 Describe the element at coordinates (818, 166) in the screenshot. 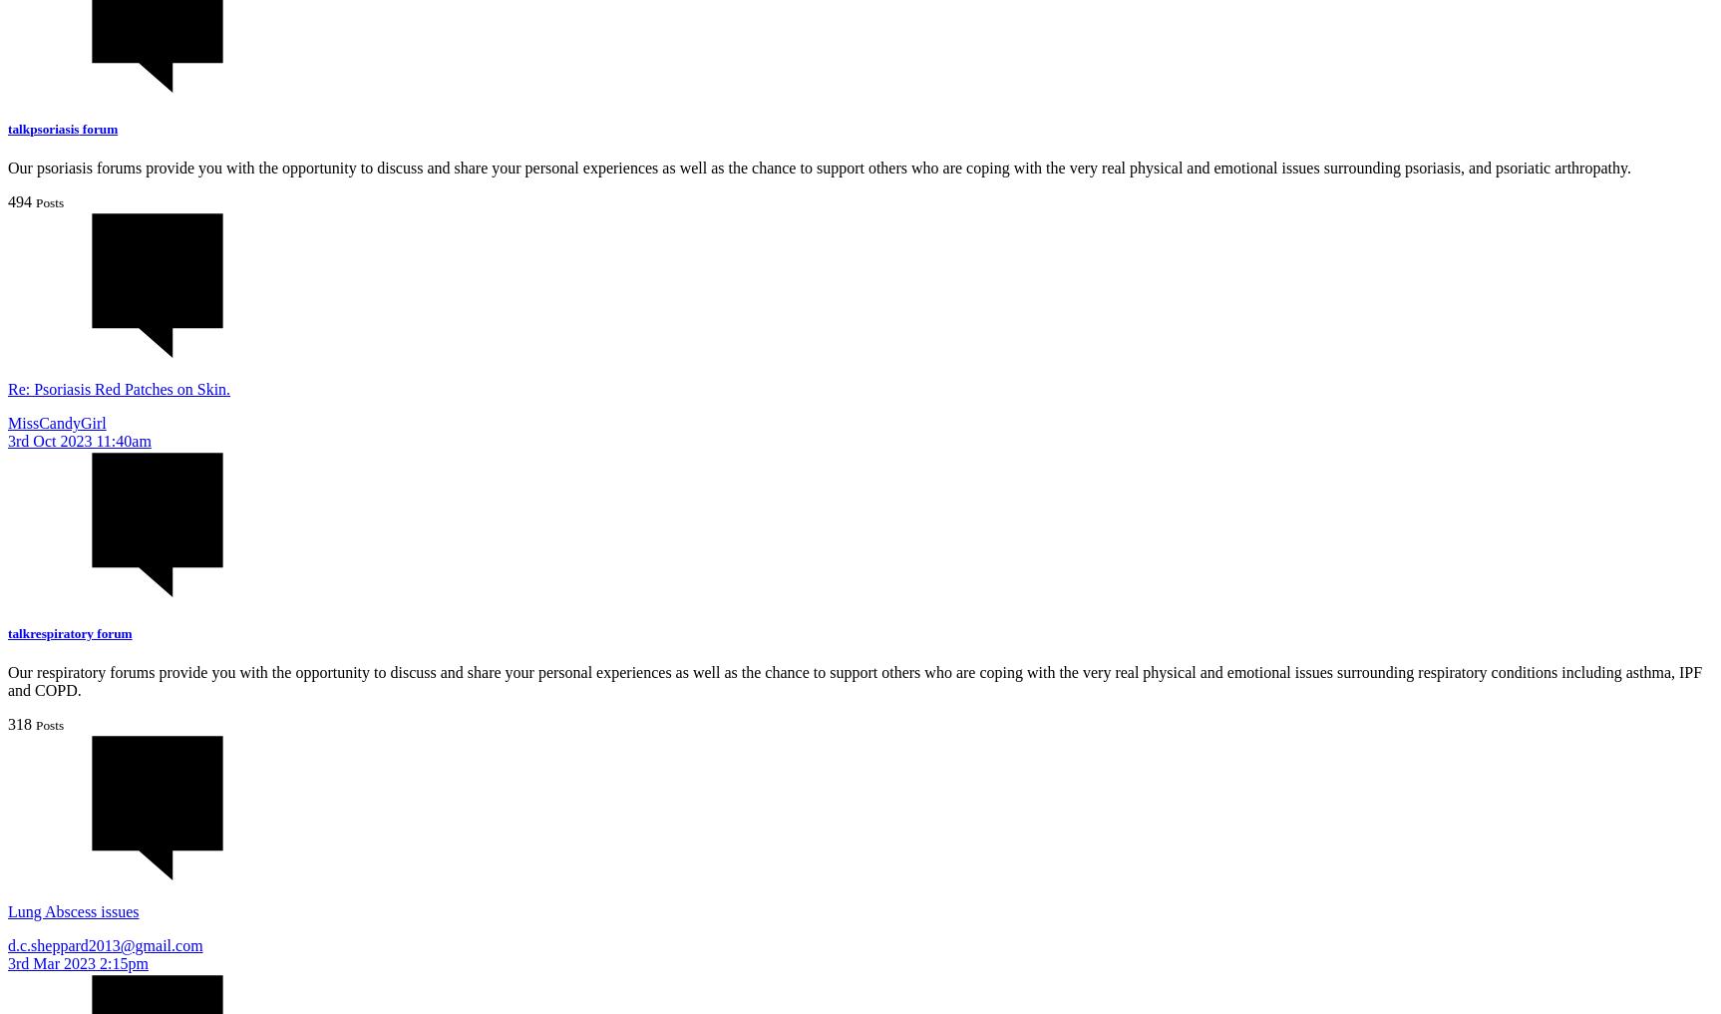

I see `'Our psoriasis forums provide you with the opportunity to discuss and share your personal experiences as well as the chance to support others who are coping with the very real physical and emotional issues surrounding psoriasis, and psoriatic arthropathy.'` at that location.